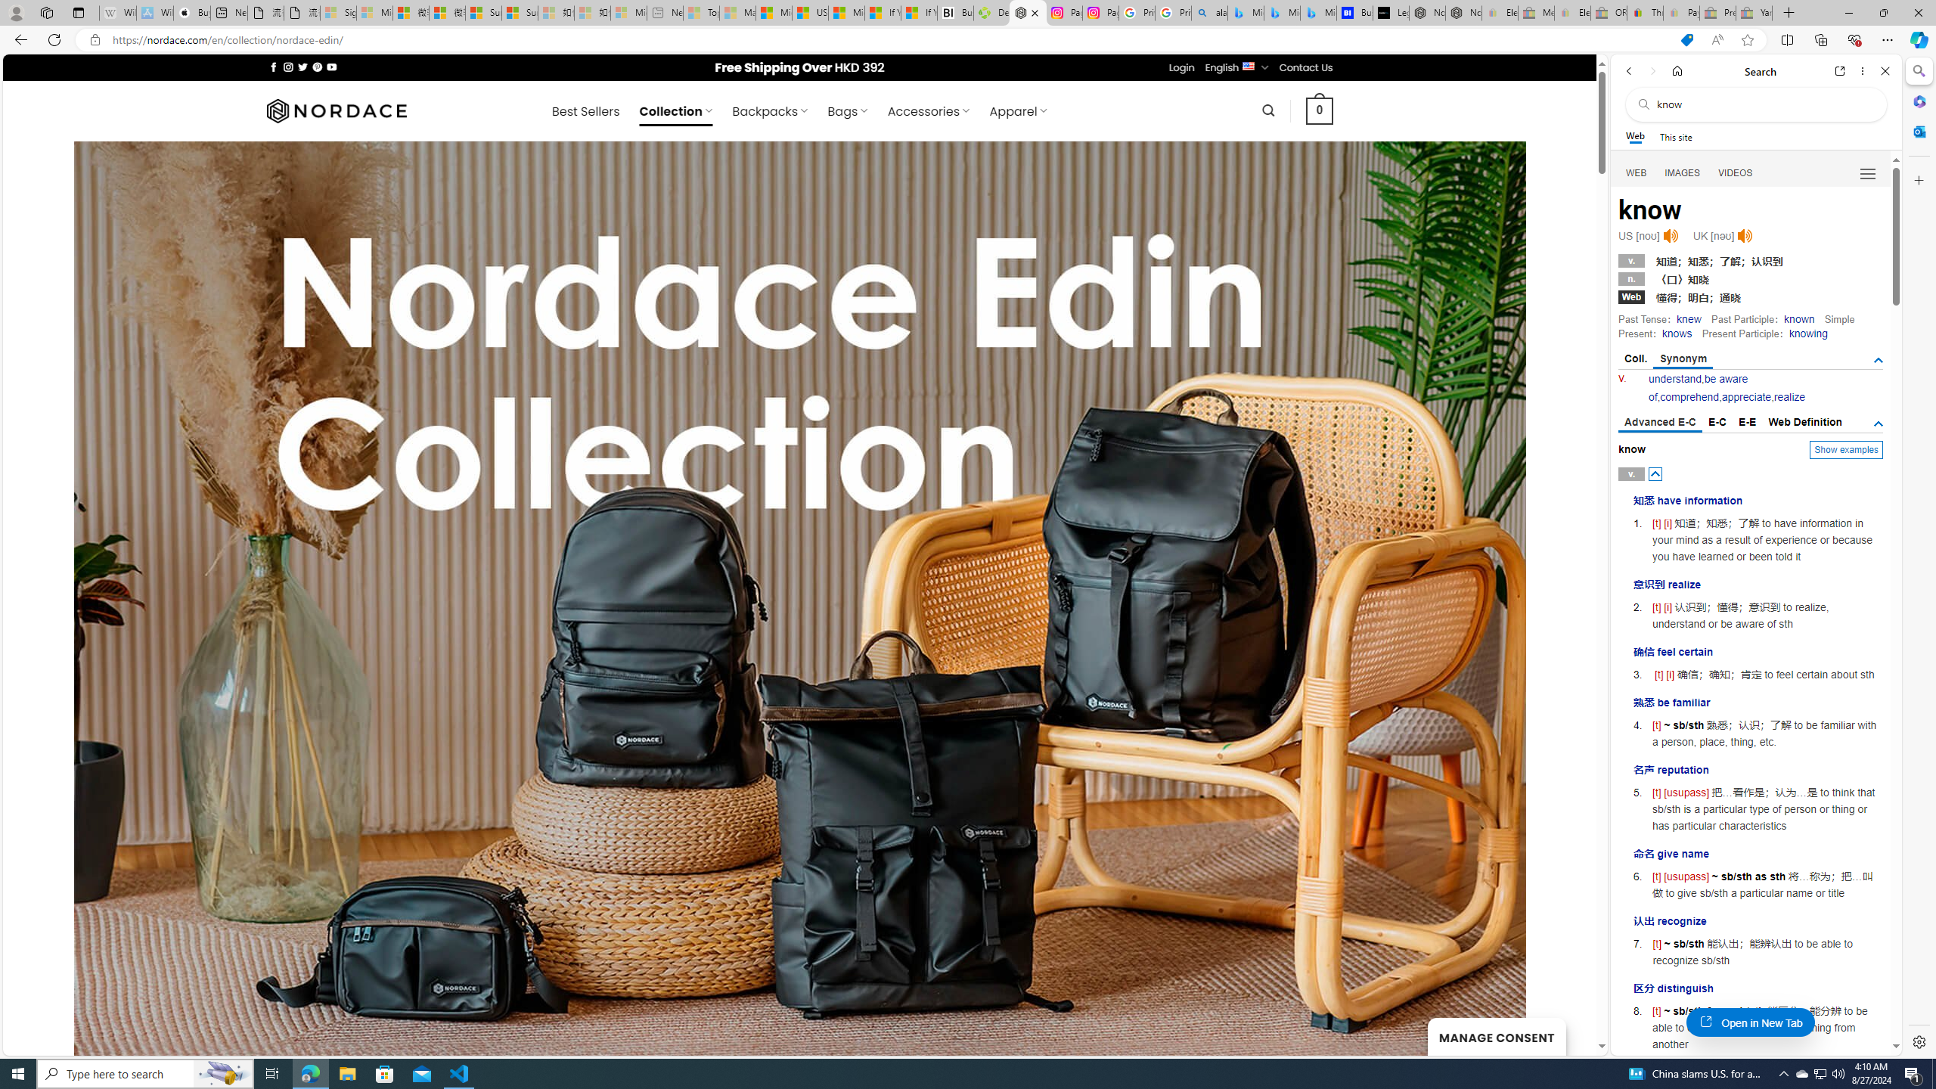 This screenshot has width=1936, height=1089. I want to click on '  0  ', so click(1319, 110).